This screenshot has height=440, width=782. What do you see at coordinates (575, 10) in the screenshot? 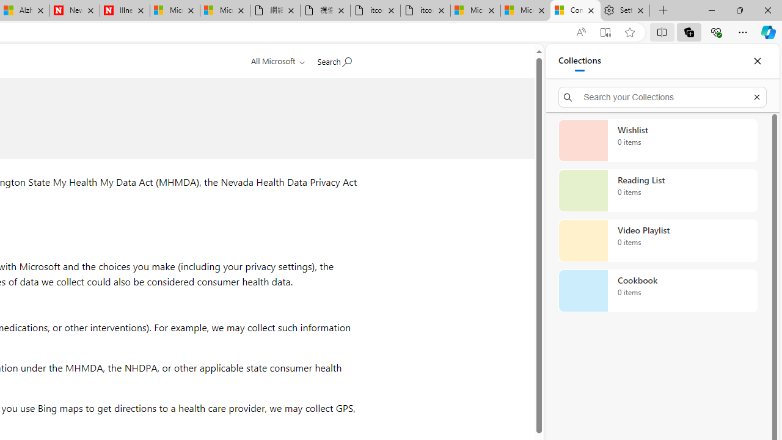
I see `'Consumer Health Data Privacy Policy'` at bounding box center [575, 10].